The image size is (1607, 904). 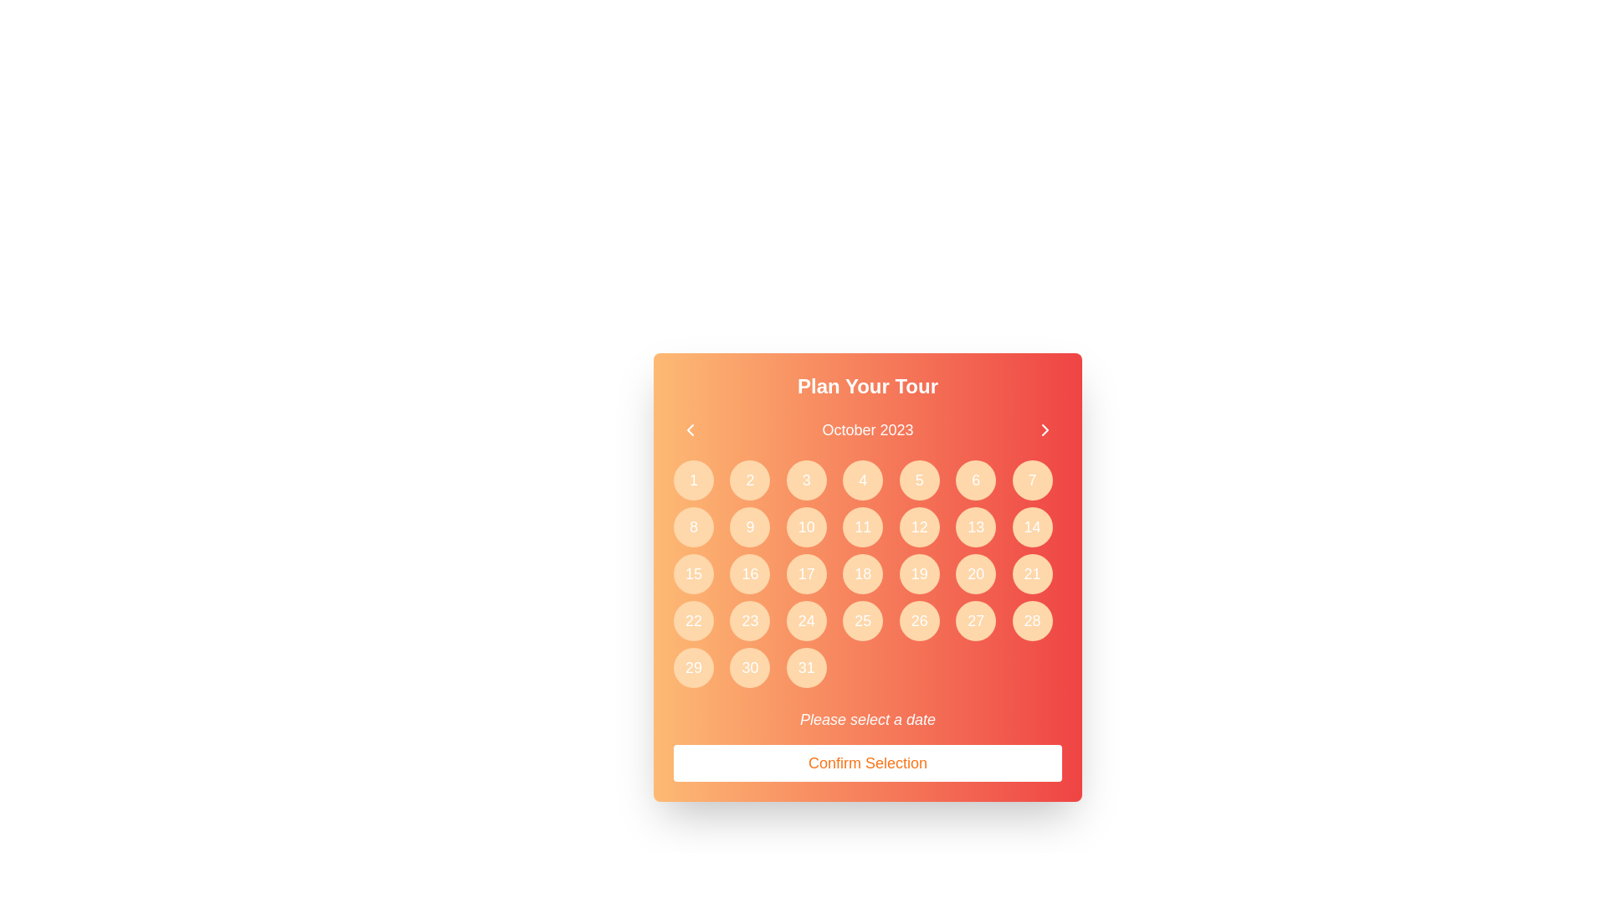 I want to click on the circular interactive button with a light orange background and white text '22', so click(x=694, y=620).